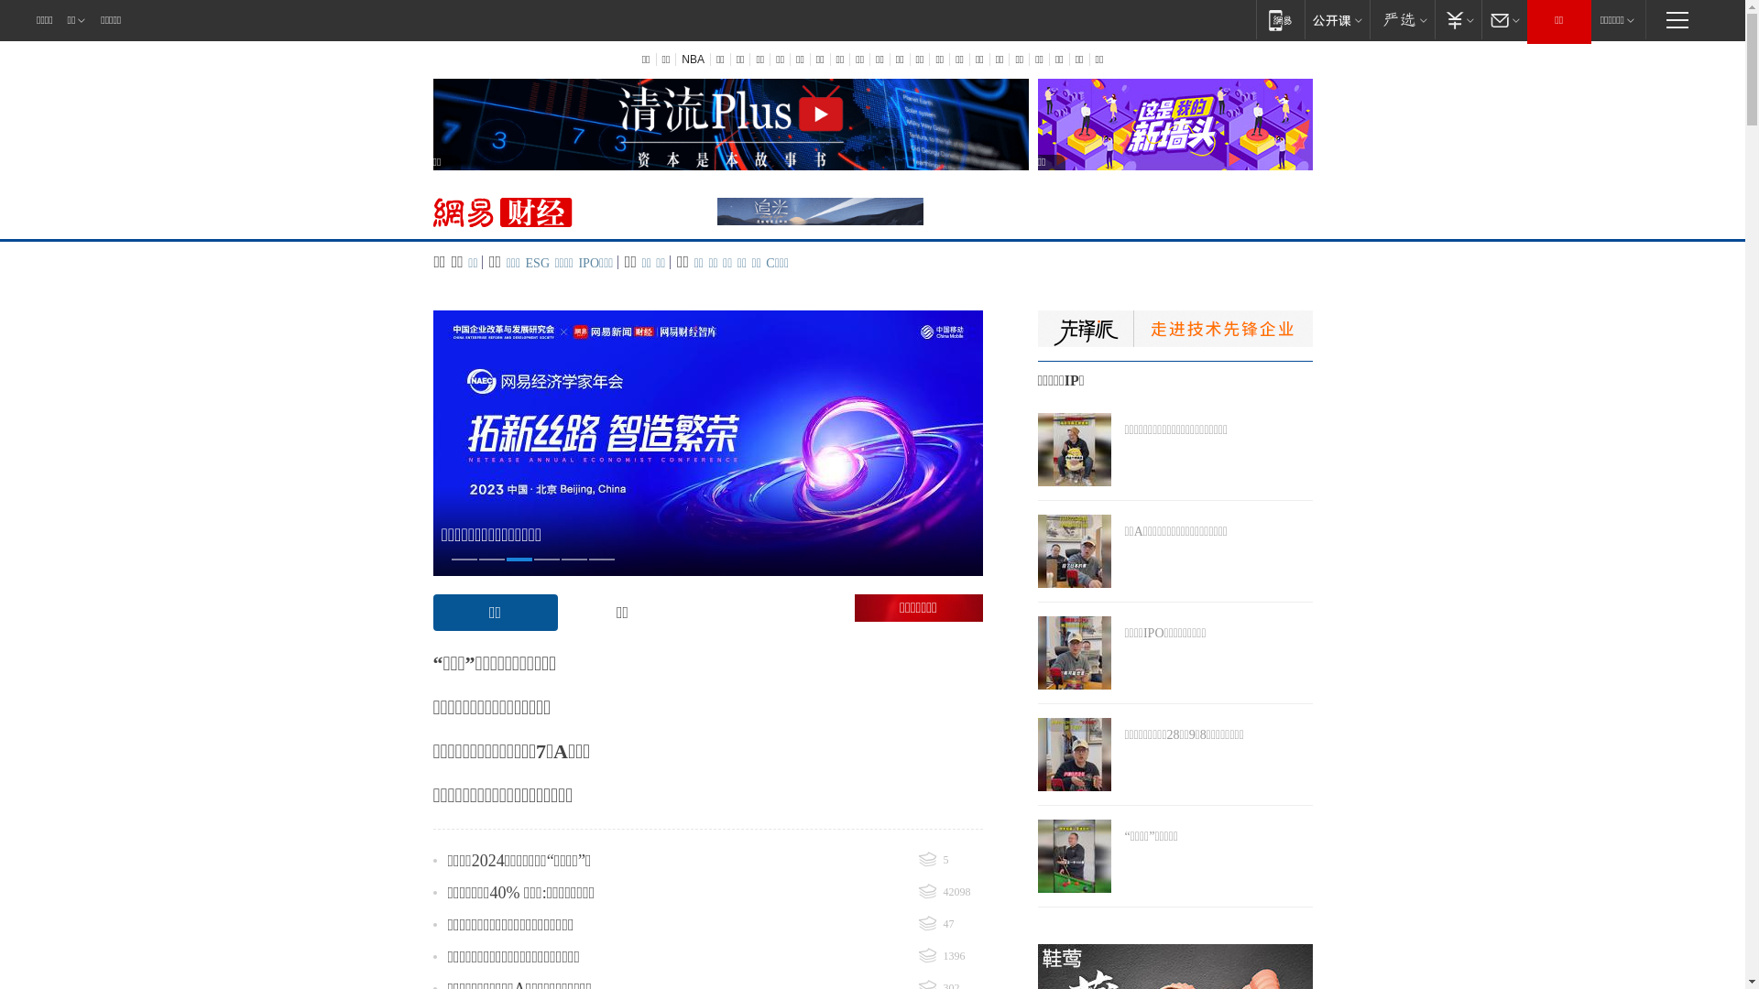  What do you see at coordinates (949, 892) in the screenshot?
I see `'42098'` at bounding box center [949, 892].